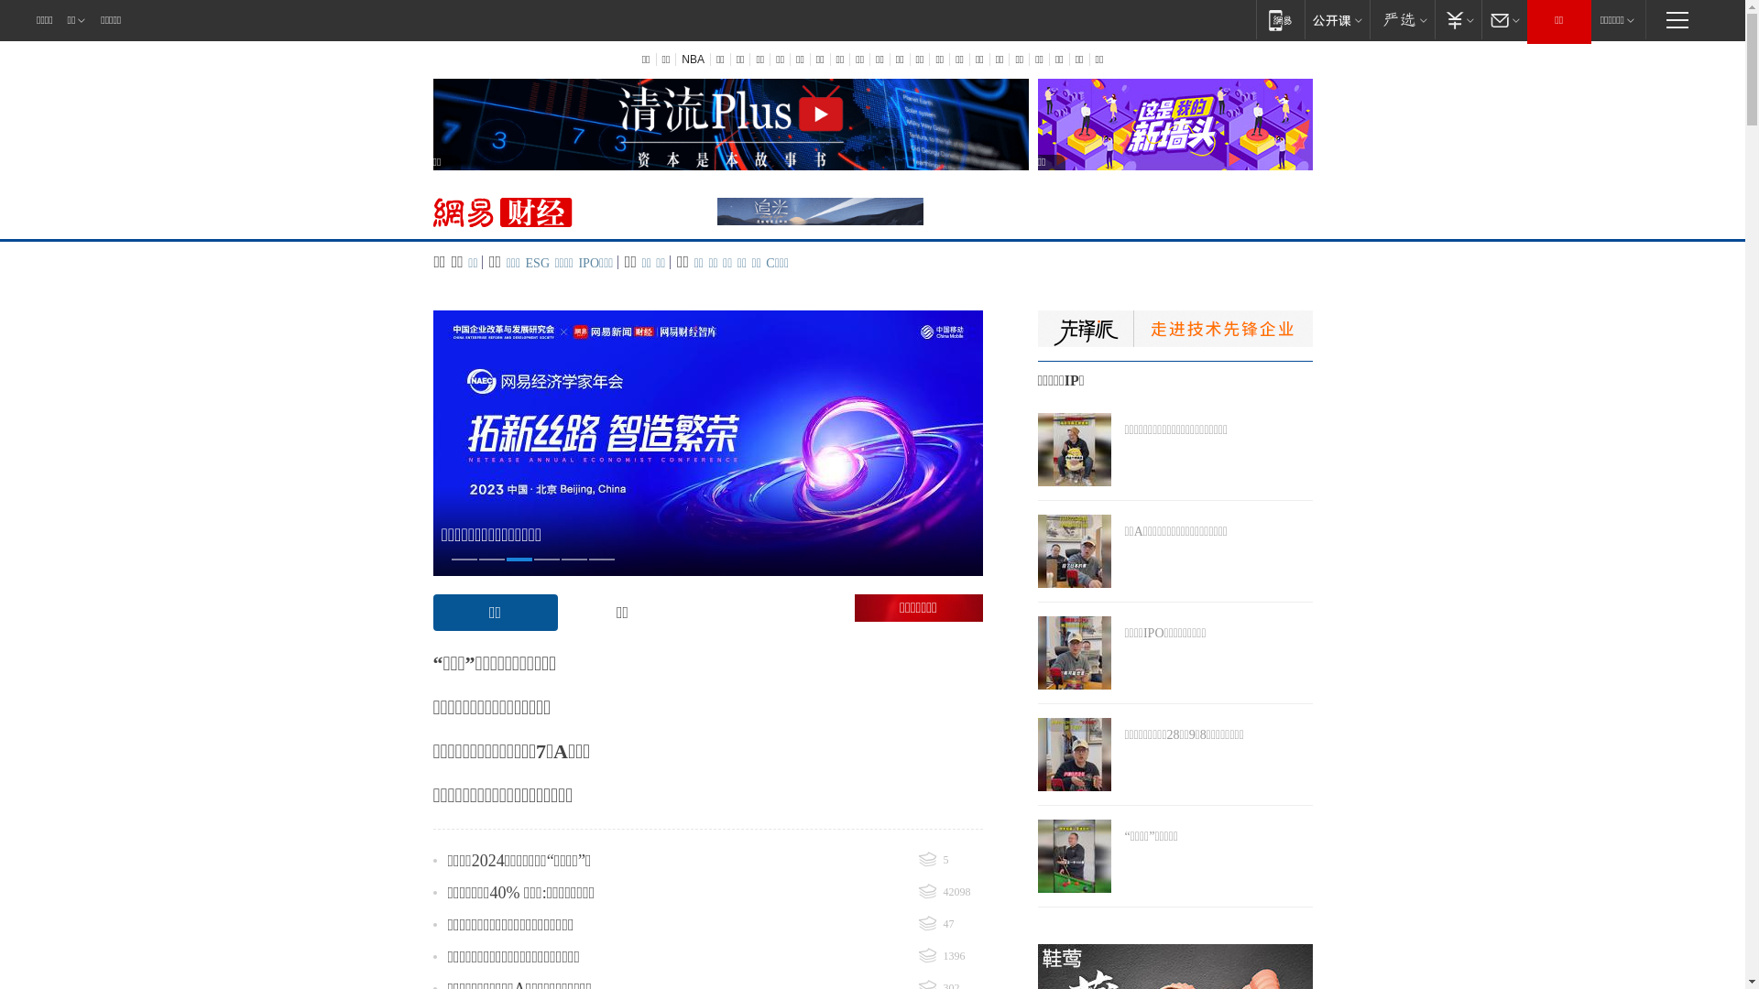  What do you see at coordinates (949, 892) in the screenshot?
I see `'42098'` at bounding box center [949, 892].